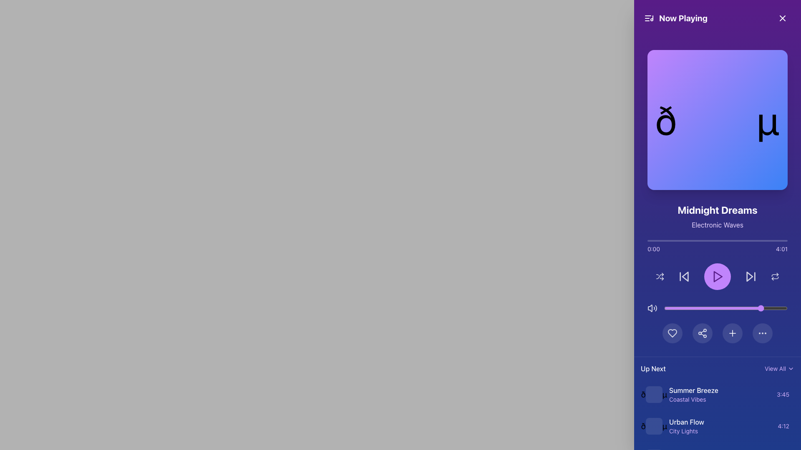  Describe the element at coordinates (685, 276) in the screenshot. I see `the triangular backward navigation button in the playback controls region, located to the left of the central Play button` at that location.